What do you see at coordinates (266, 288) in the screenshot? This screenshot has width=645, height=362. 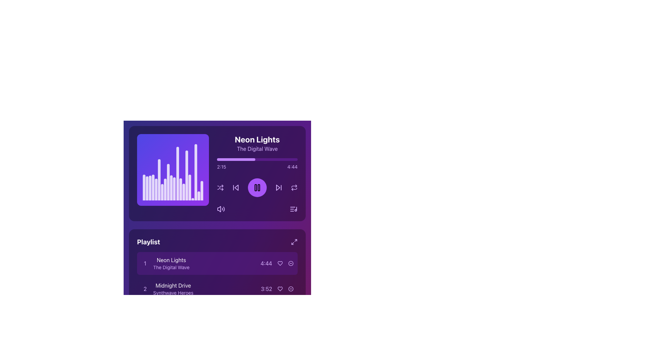 I see `the text label displaying '3:52', which is located in the bottom-right corner of the 'Playlist' section, adjacent to the song 'Midnight Drive'` at bounding box center [266, 288].